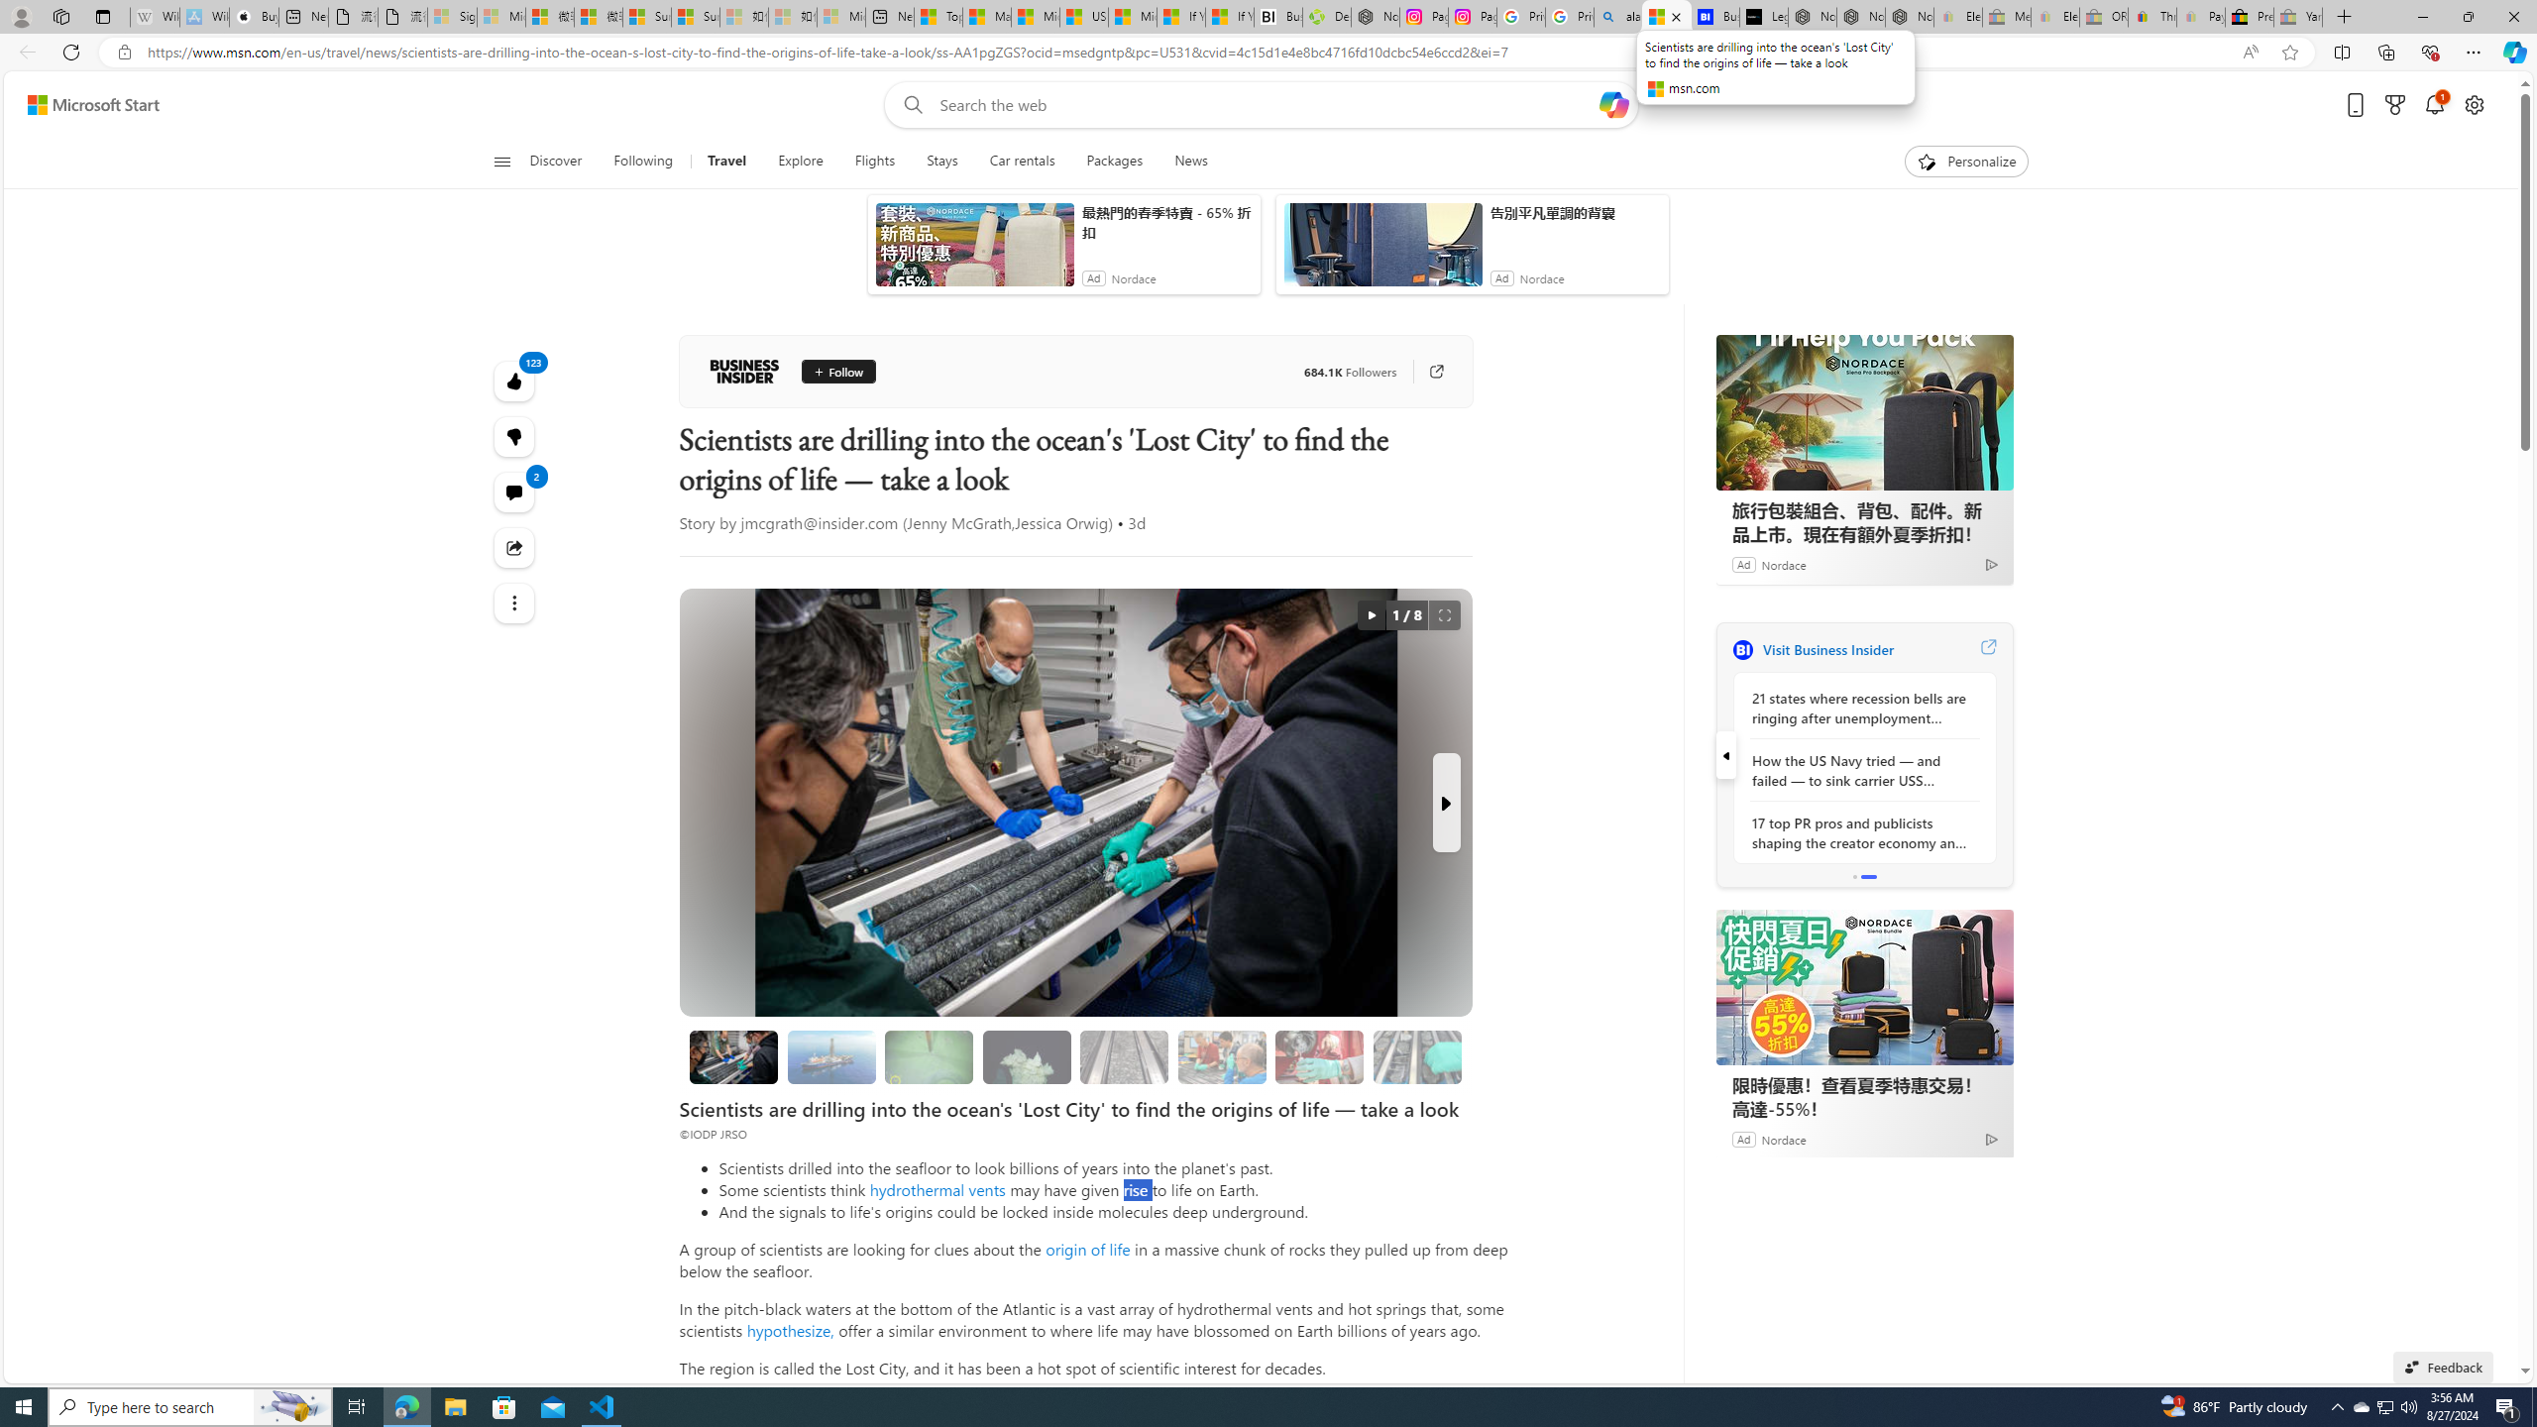 The height and width of the screenshot is (1427, 2537). What do you see at coordinates (1381, 251) in the screenshot?
I see `'anim-content'` at bounding box center [1381, 251].